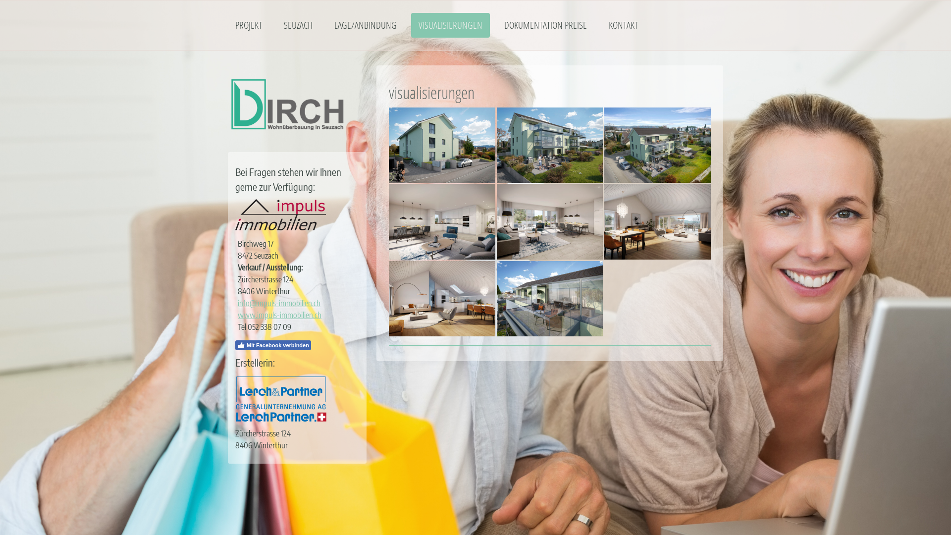 The width and height of the screenshot is (951, 535). I want to click on 'SEUZACH', so click(297, 24).